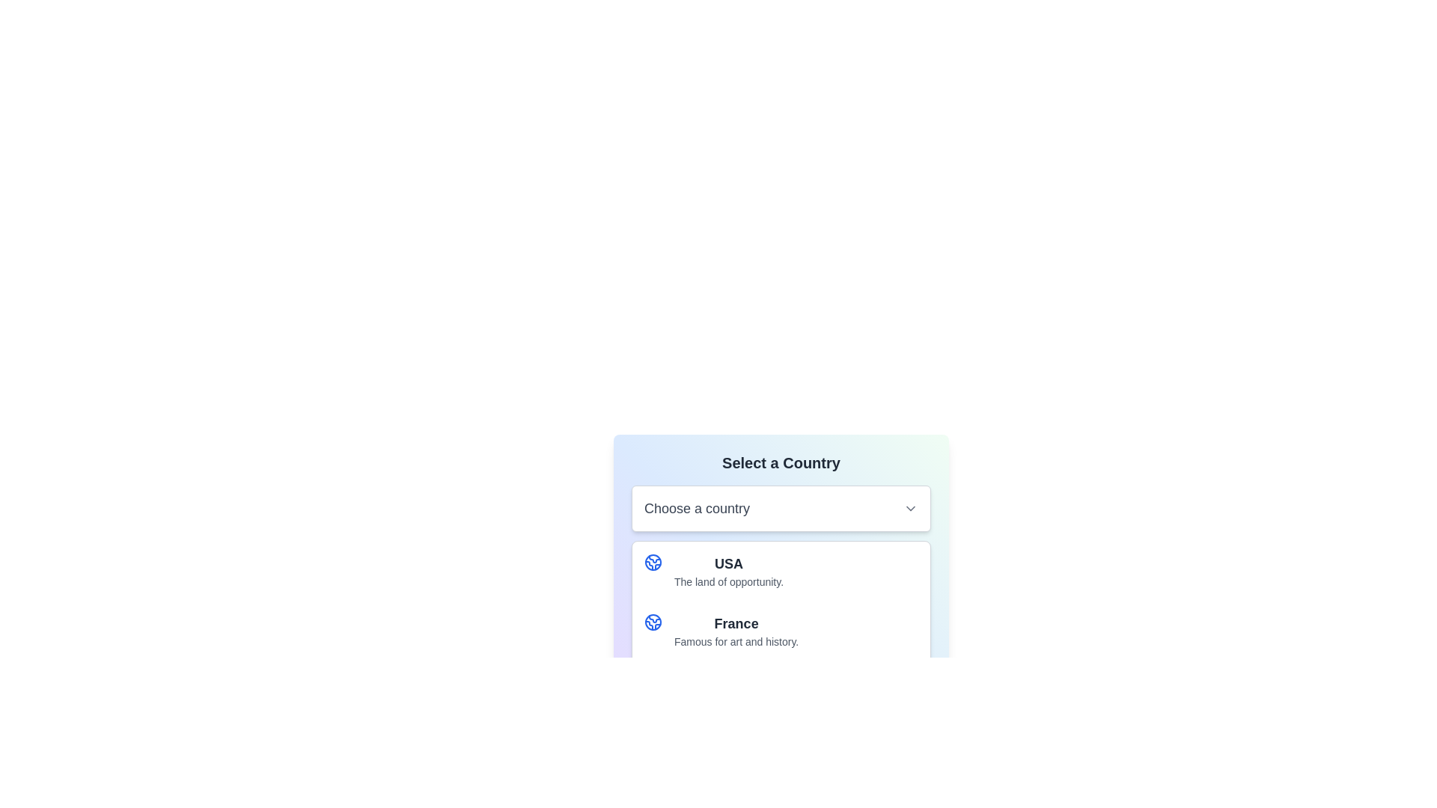 This screenshot has width=1437, height=808. What do you see at coordinates (910, 507) in the screenshot?
I see `the downward-pointing chevron icon styled in gray, located at the right side of the input box labeled 'Choose a country'` at bounding box center [910, 507].